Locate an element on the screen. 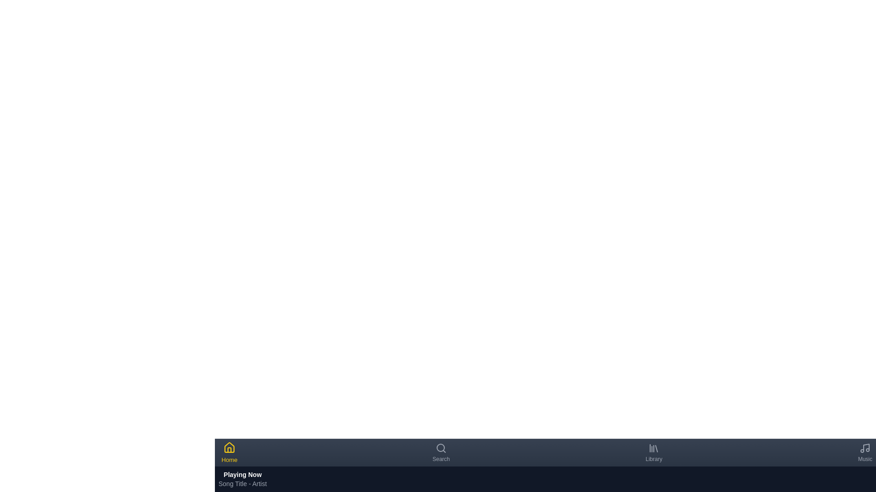  the Search navigation tab is located at coordinates (441, 453).